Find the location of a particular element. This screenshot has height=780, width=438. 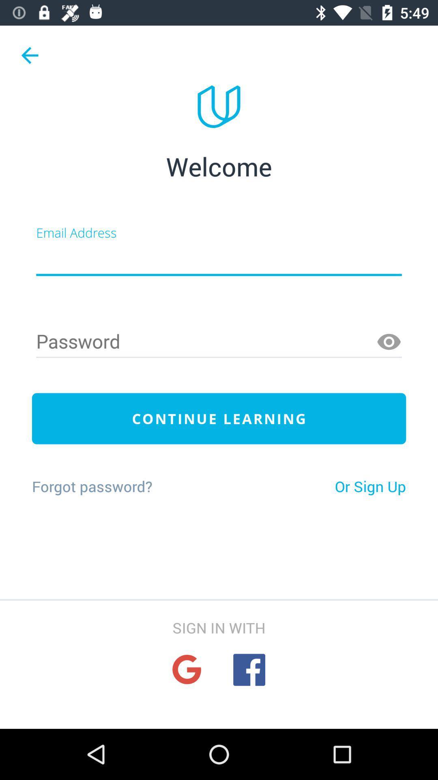

email is located at coordinates (219, 259).